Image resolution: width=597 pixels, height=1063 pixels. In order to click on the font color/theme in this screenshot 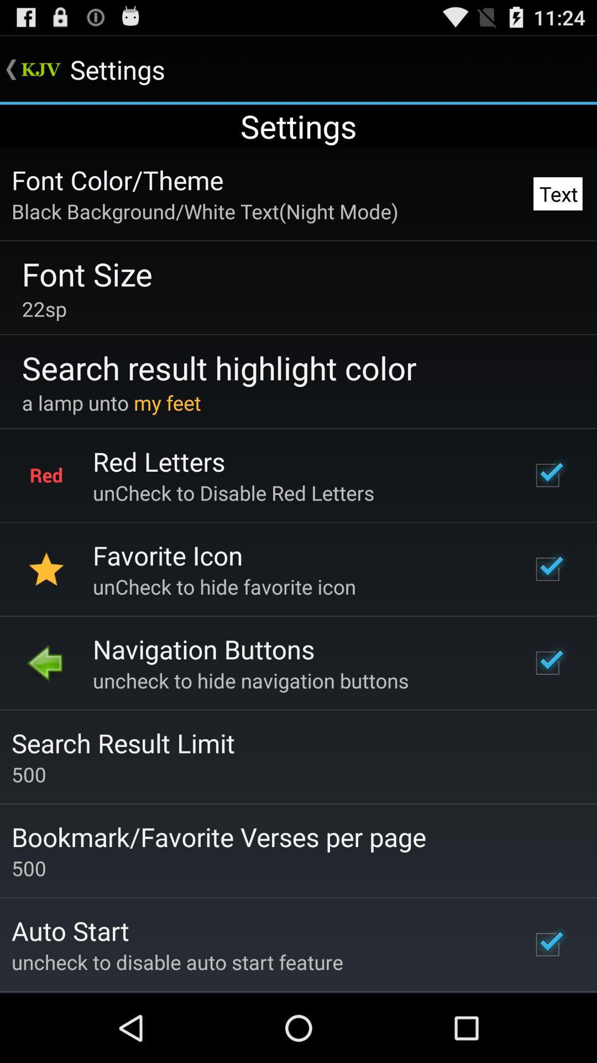, I will do `click(117, 180)`.